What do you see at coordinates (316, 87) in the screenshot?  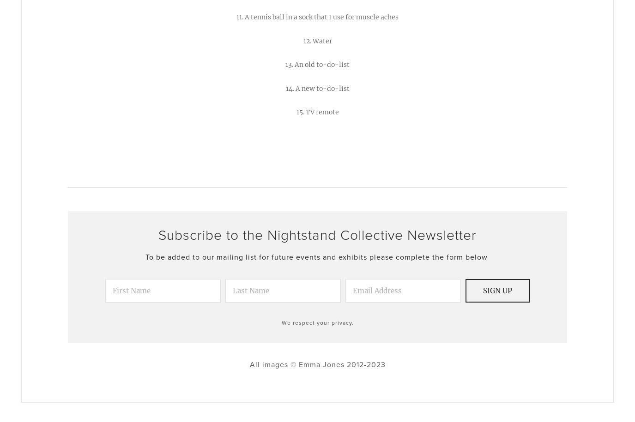 I see `'14. A new to-do-list'` at bounding box center [316, 87].